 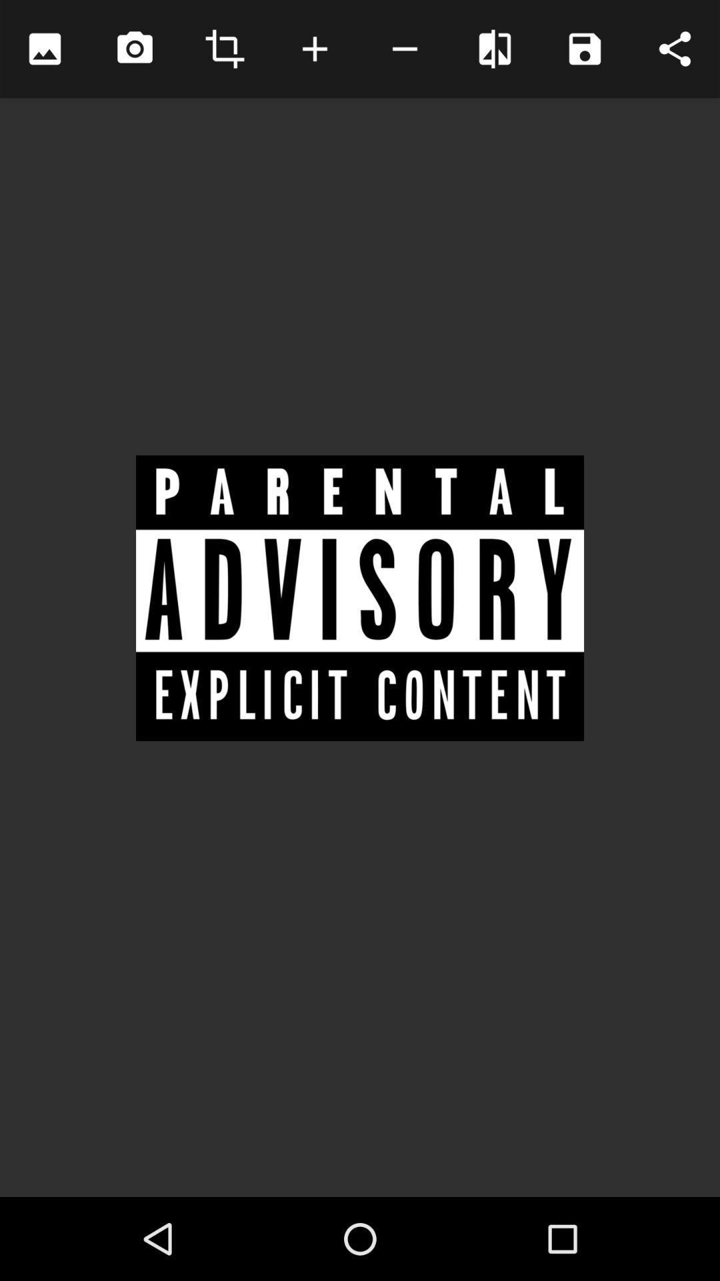 I want to click on the wallpaper icon, so click(x=44, y=49).